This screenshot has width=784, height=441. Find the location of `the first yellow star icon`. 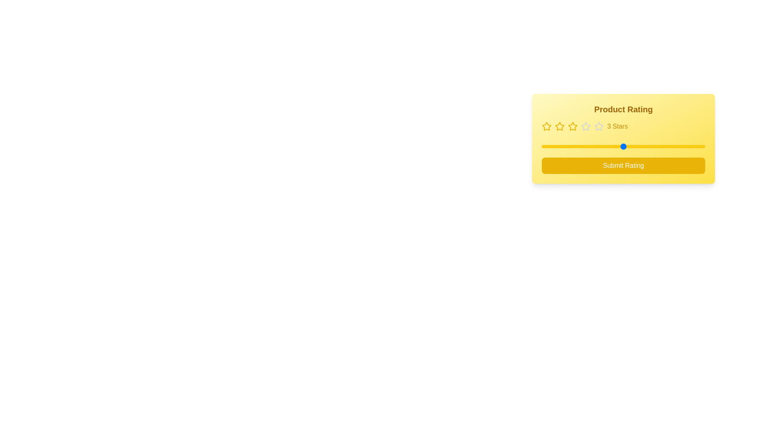

the first yellow star icon is located at coordinates (546, 126).